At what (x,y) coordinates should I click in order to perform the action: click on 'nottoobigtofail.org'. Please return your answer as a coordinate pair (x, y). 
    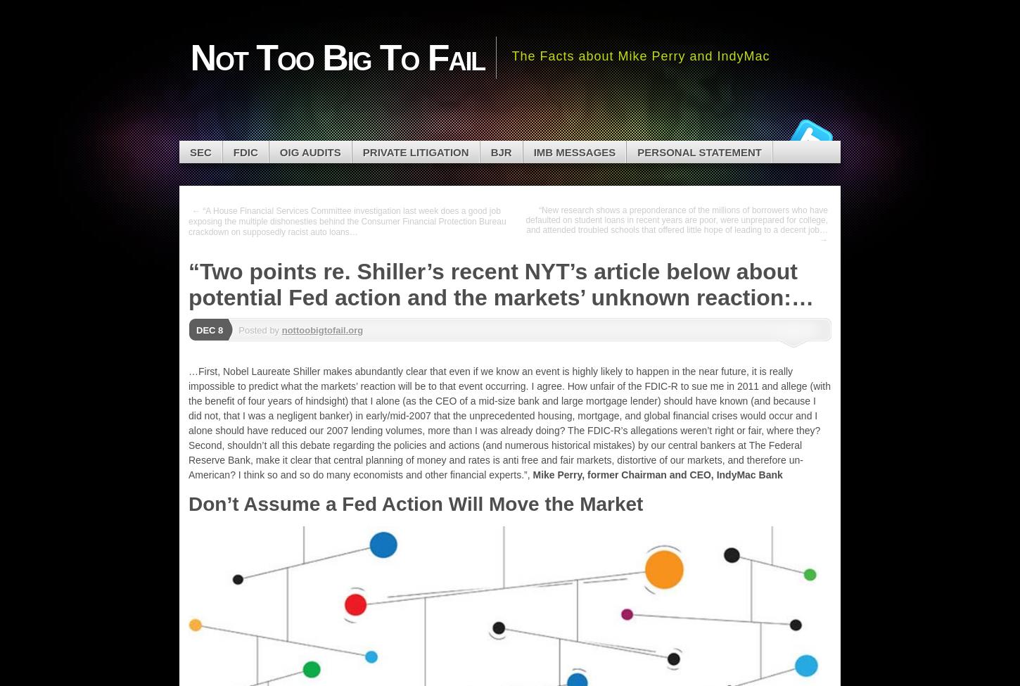
    Looking at the image, I should click on (281, 329).